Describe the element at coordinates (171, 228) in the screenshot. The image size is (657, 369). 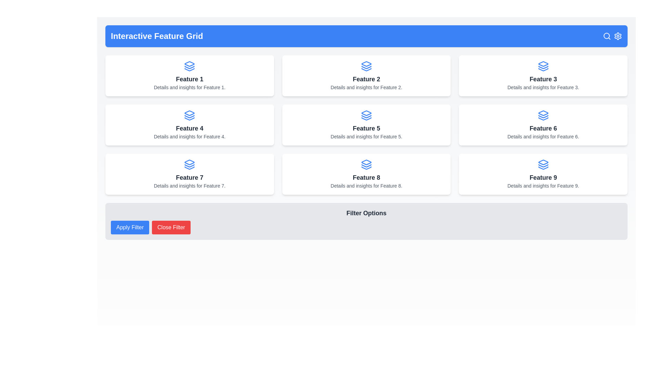
I see `the second button from the right` at that location.